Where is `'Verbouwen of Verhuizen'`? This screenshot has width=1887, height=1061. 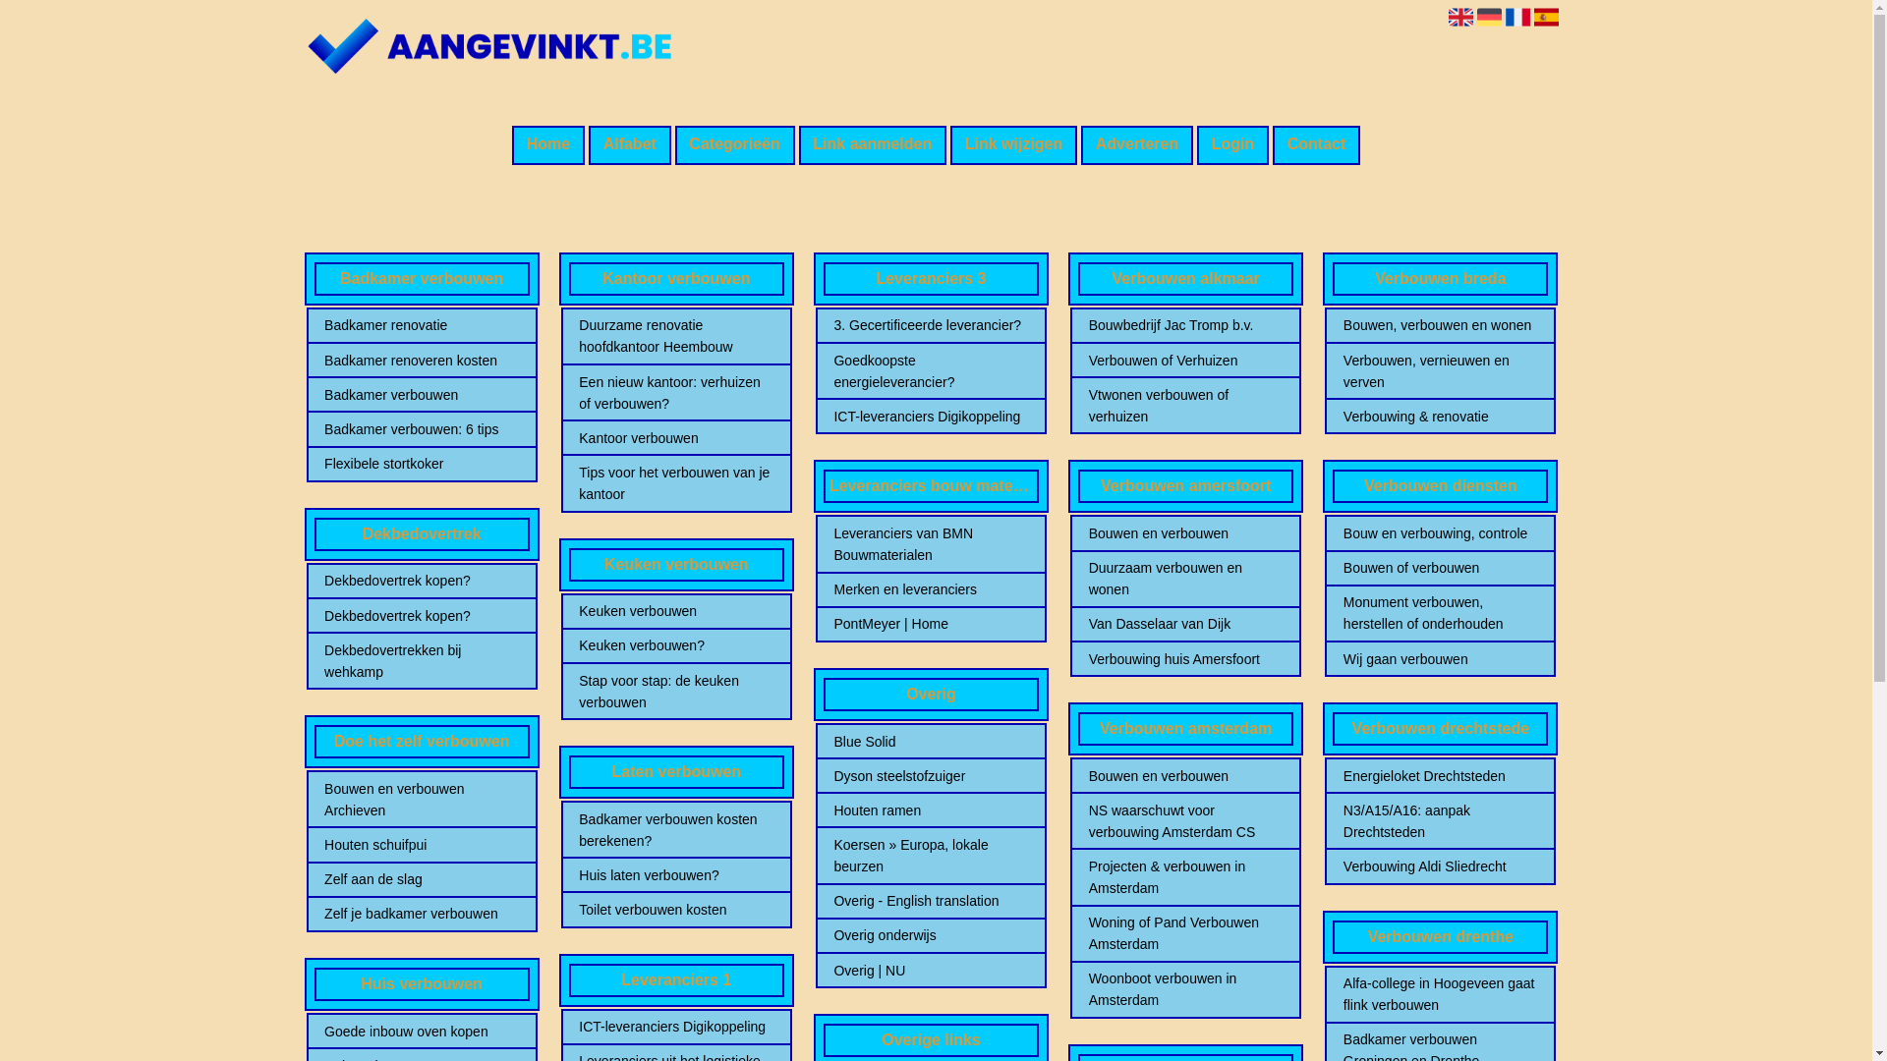 'Verbouwen of Verhuizen' is located at coordinates (1184, 360).